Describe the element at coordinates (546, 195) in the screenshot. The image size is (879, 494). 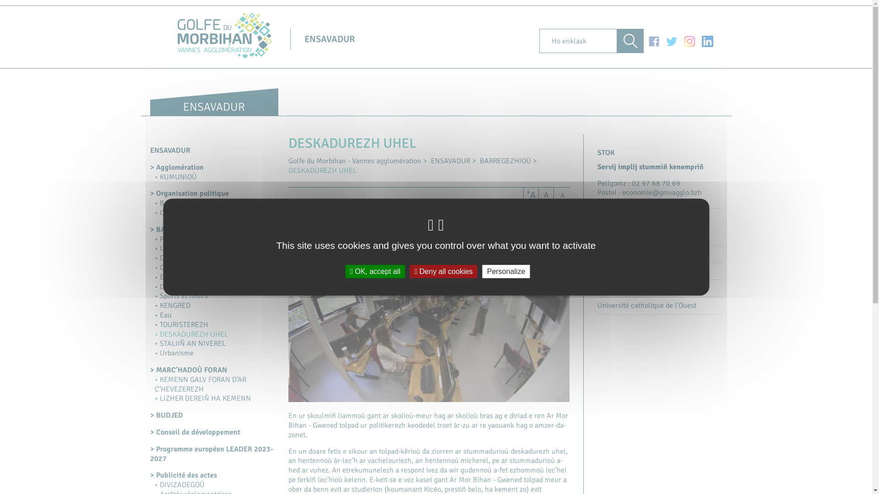
I see `'A'` at that location.